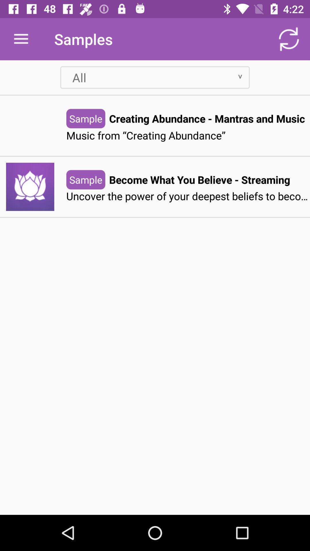  What do you see at coordinates (188, 196) in the screenshot?
I see `item at the center` at bounding box center [188, 196].